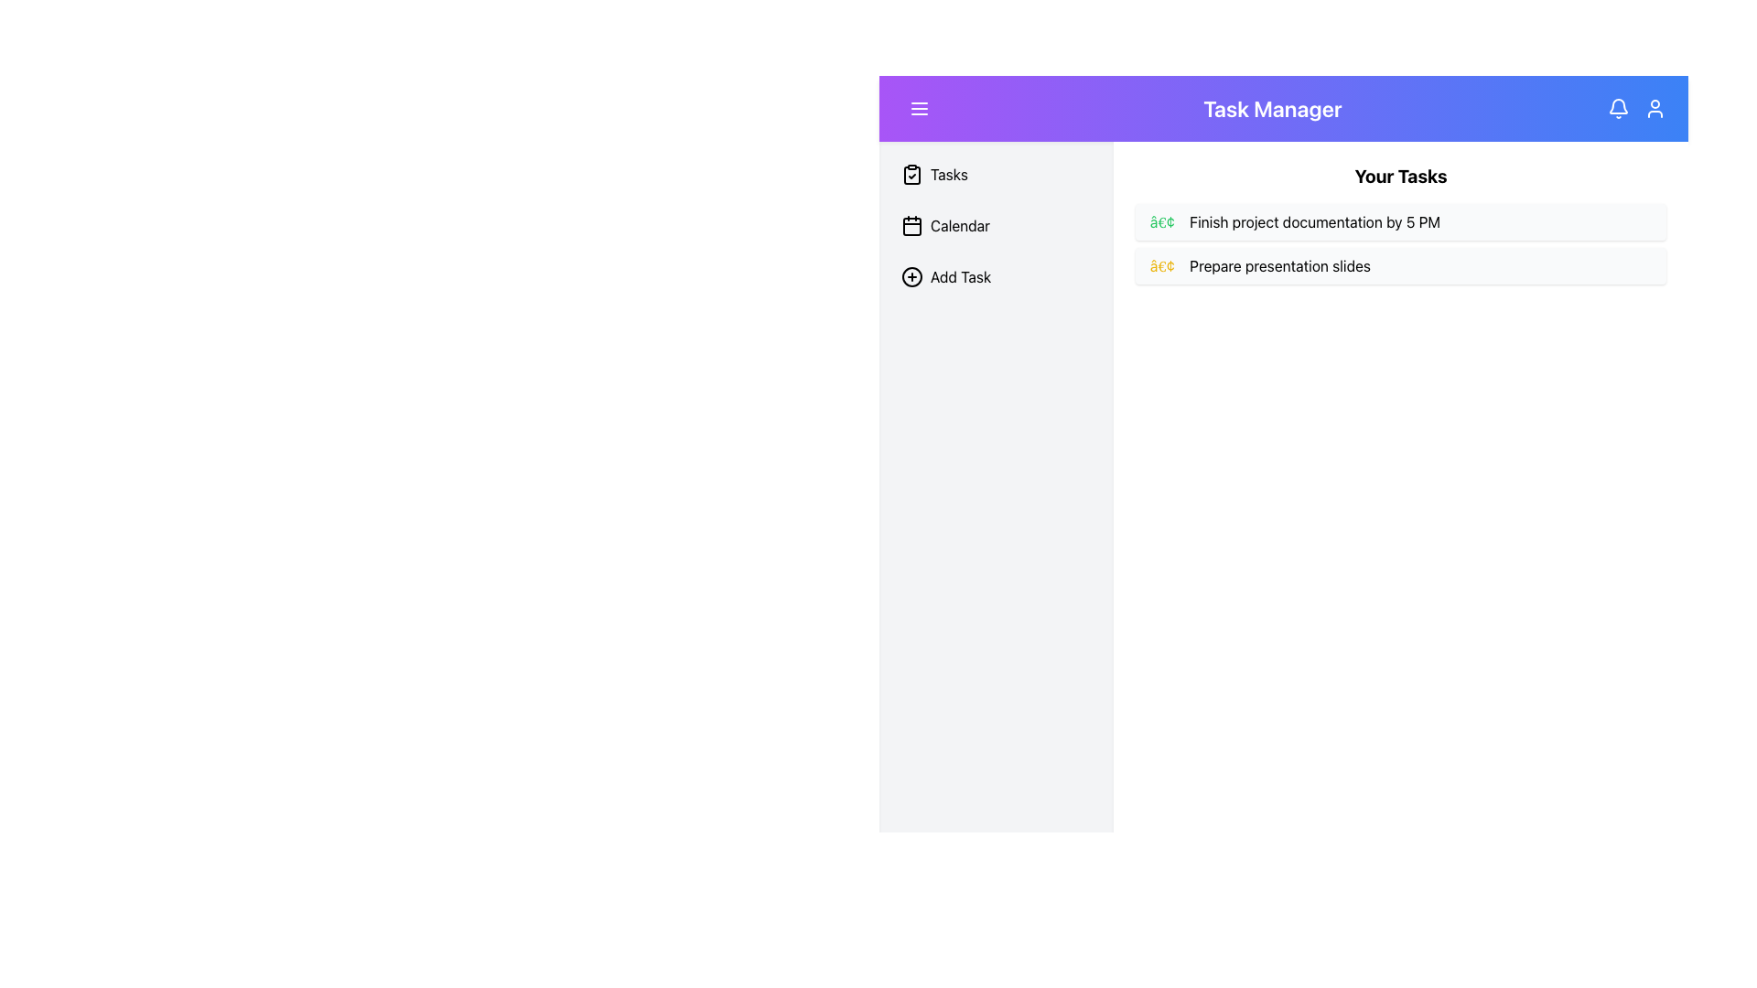 The height and width of the screenshot is (988, 1757). What do you see at coordinates (1400, 176) in the screenshot?
I see `the 'Your Tasks' text label element, which is a bold and enlarged font header located at the top of the content section, preceding a list of tasks` at bounding box center [1400, 176].